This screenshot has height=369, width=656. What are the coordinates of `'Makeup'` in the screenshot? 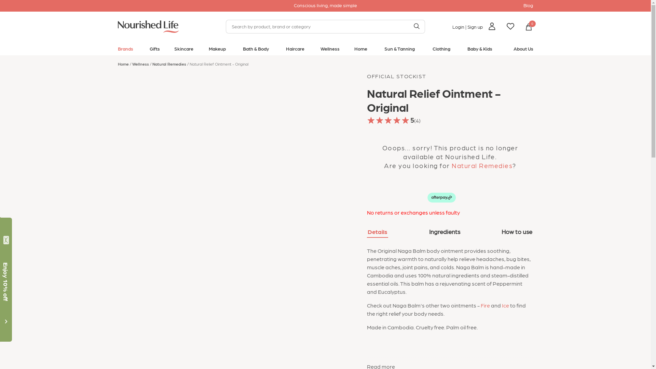 It's located at (217, 50).